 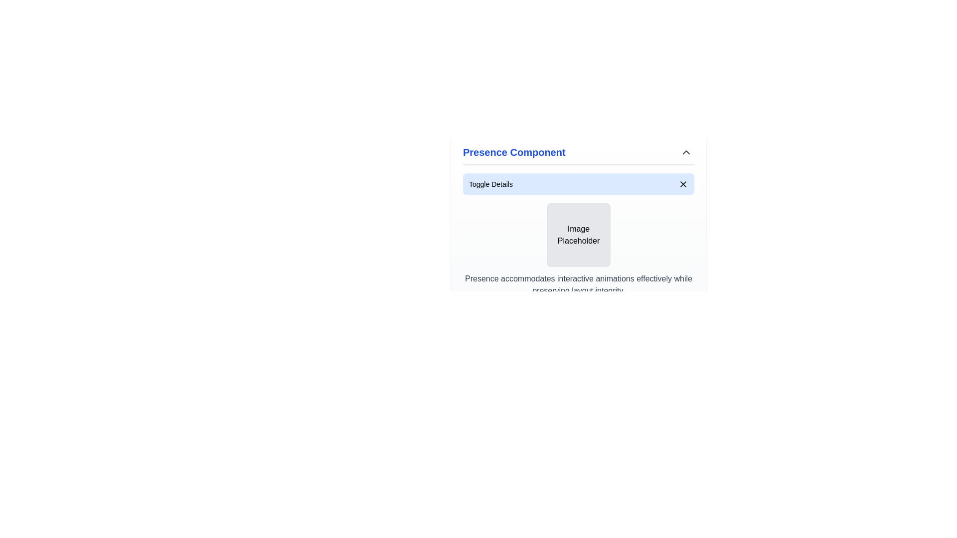 What do you see at coordinates (683, 184) in the screenshot?
I see `the 'X' icon Close button on the light blue background` at bounding box center [683, 184].